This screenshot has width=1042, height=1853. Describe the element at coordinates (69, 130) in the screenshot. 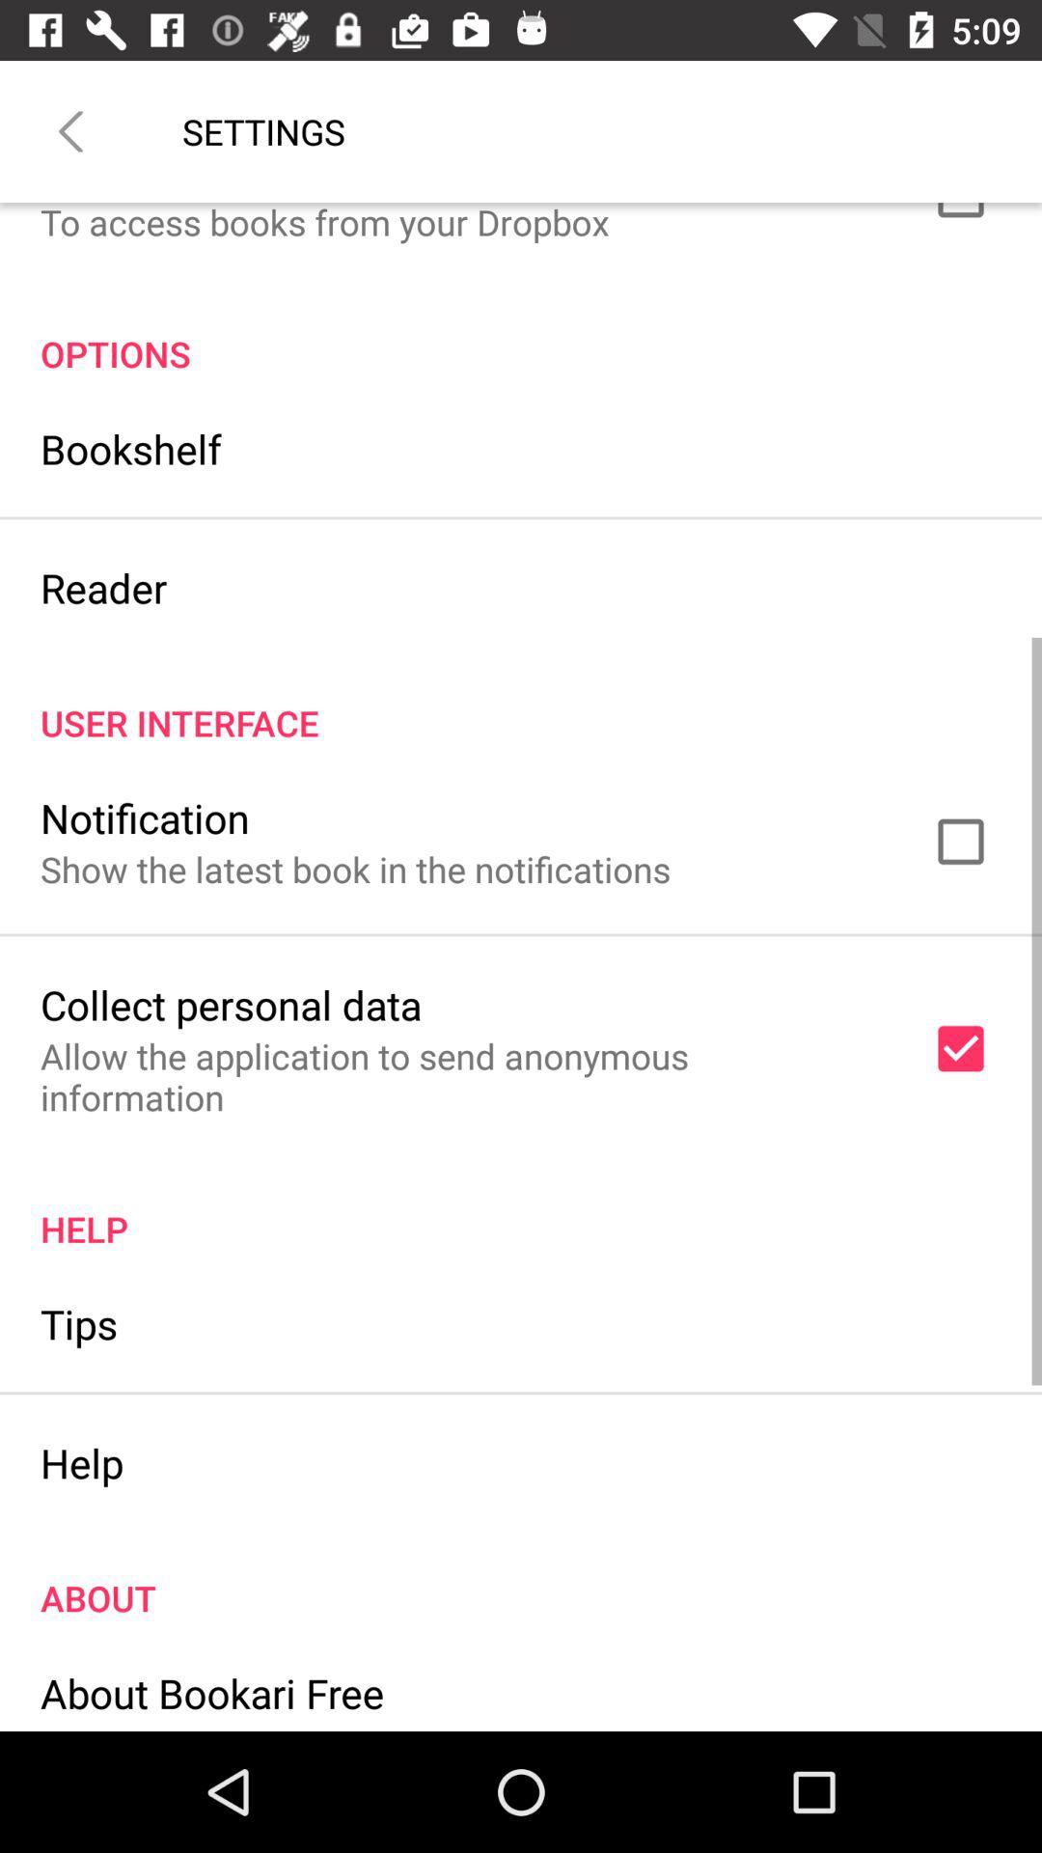

I see `icon above to access books` at that location.